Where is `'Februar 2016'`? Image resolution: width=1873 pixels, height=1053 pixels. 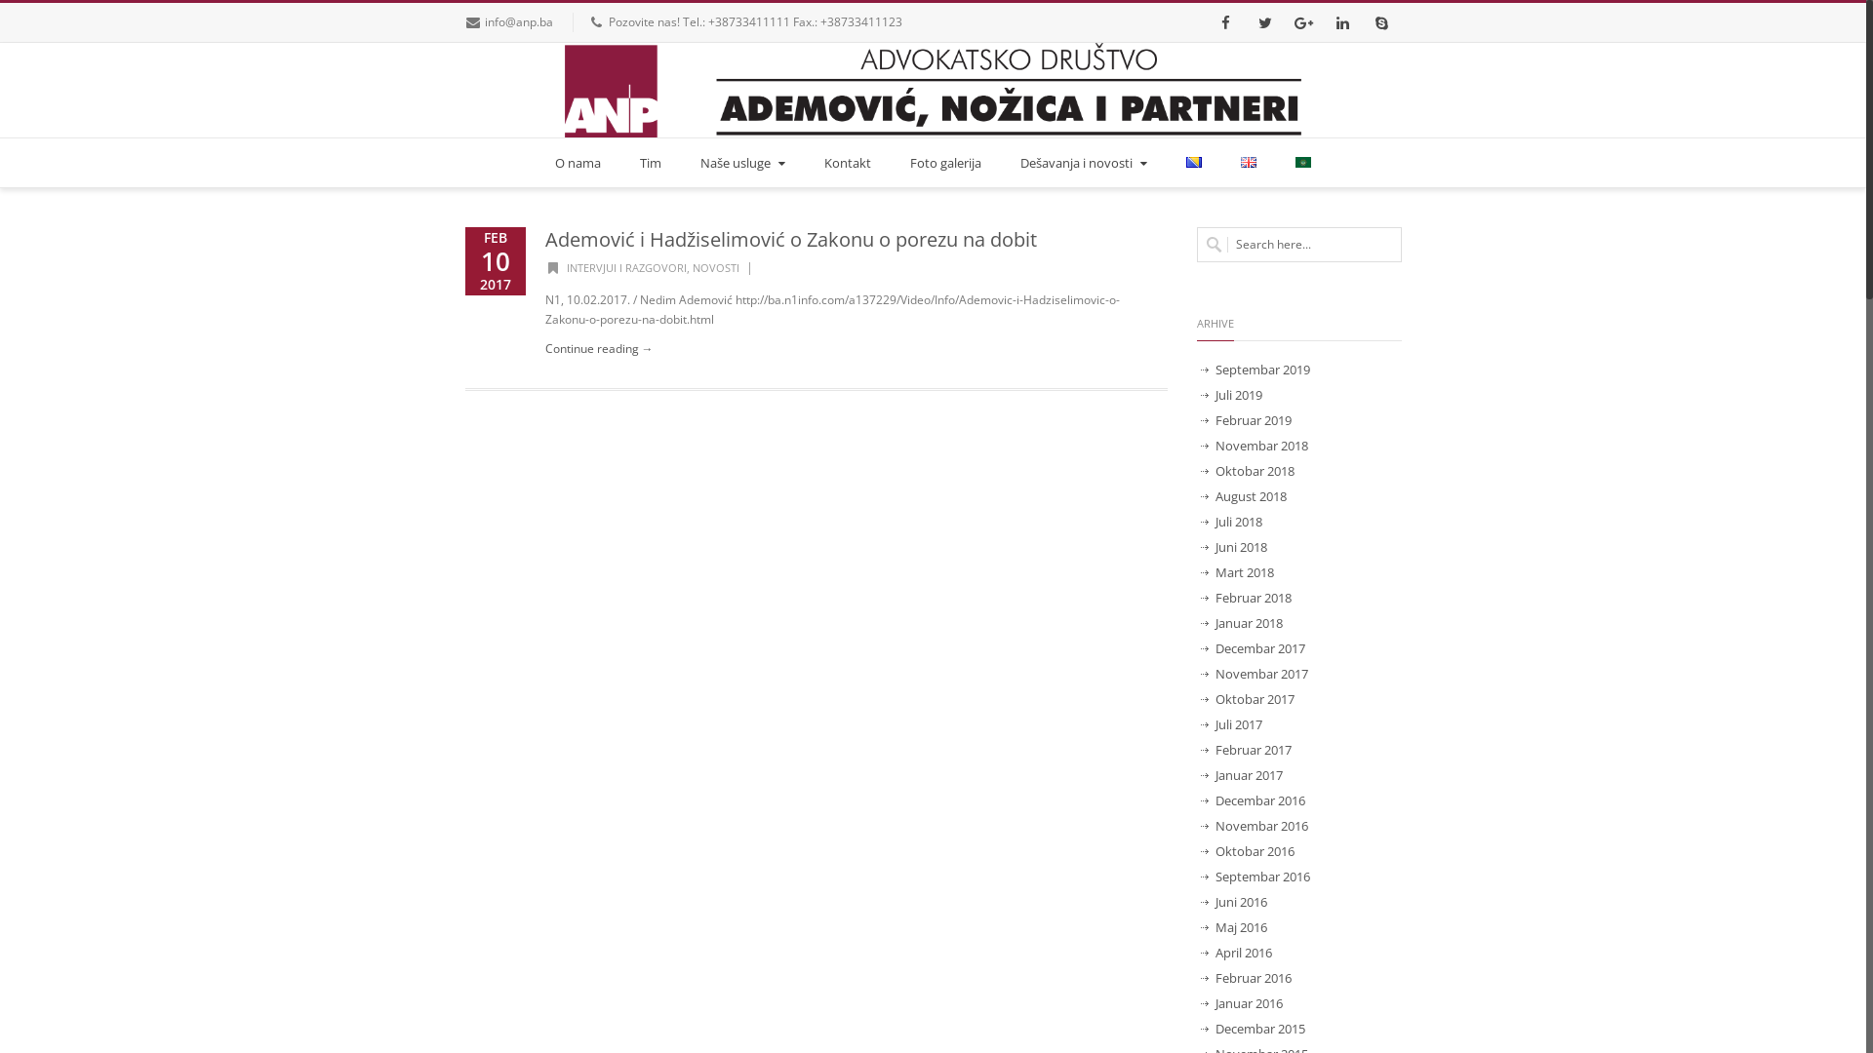 'Februar 2016' is located at coordinates (1245, 977).